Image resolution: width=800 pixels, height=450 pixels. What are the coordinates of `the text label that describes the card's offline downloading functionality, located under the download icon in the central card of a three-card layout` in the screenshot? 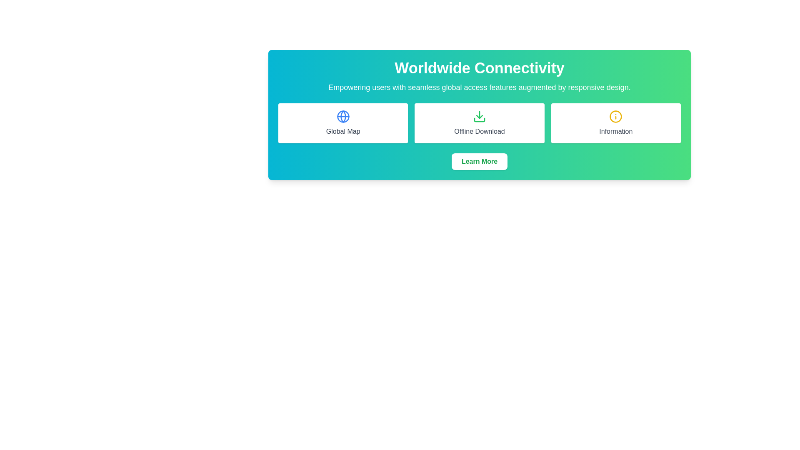 It's located at (480, 131).